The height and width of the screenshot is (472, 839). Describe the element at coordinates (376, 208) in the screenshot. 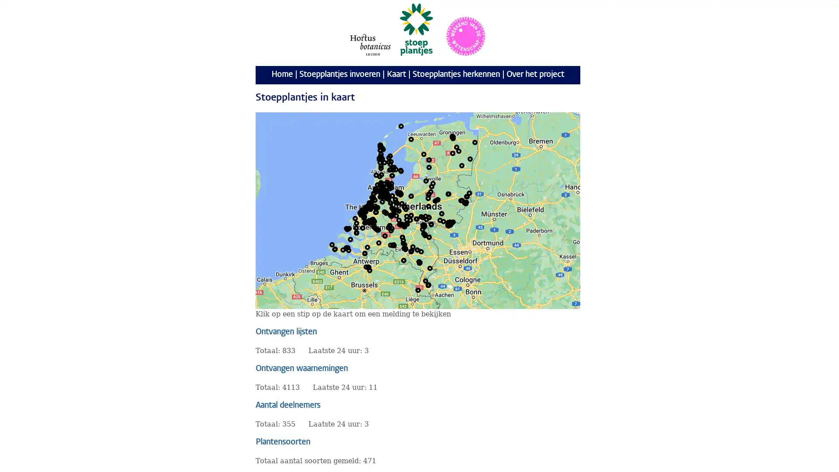

I see `Telling van op 26 februari 2022` at that location.